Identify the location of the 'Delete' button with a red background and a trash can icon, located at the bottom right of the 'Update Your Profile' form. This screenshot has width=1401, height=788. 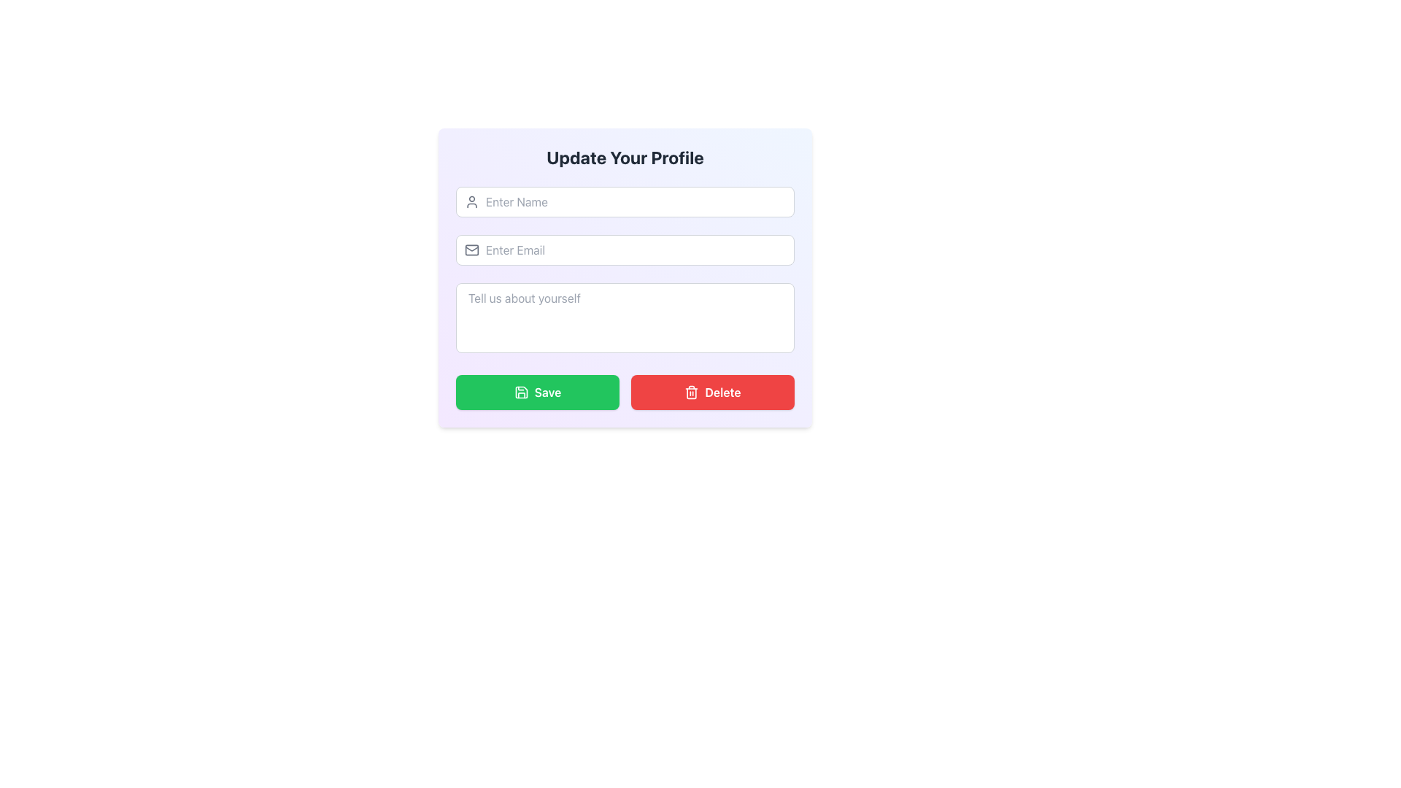
(713, 391).